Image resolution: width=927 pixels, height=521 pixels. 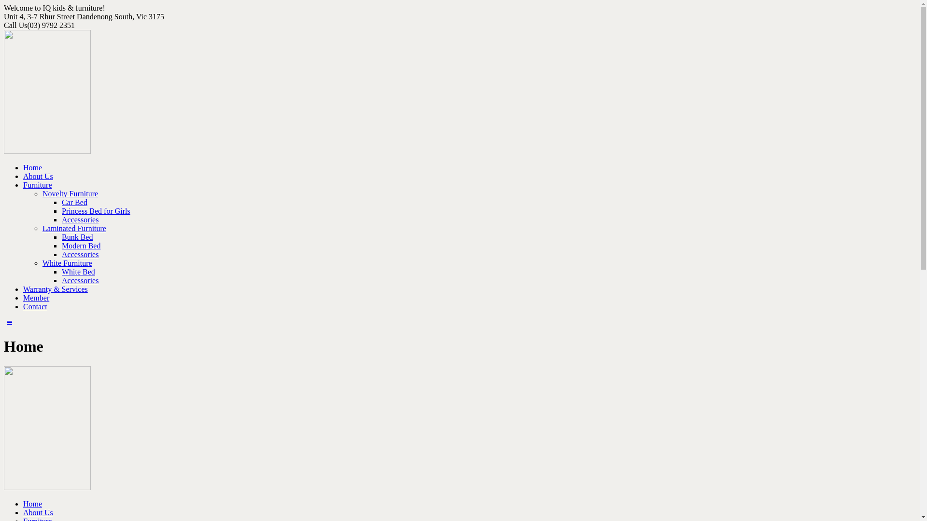 I want to click on 'Laminated Furniture', so click(x=73, y=228).